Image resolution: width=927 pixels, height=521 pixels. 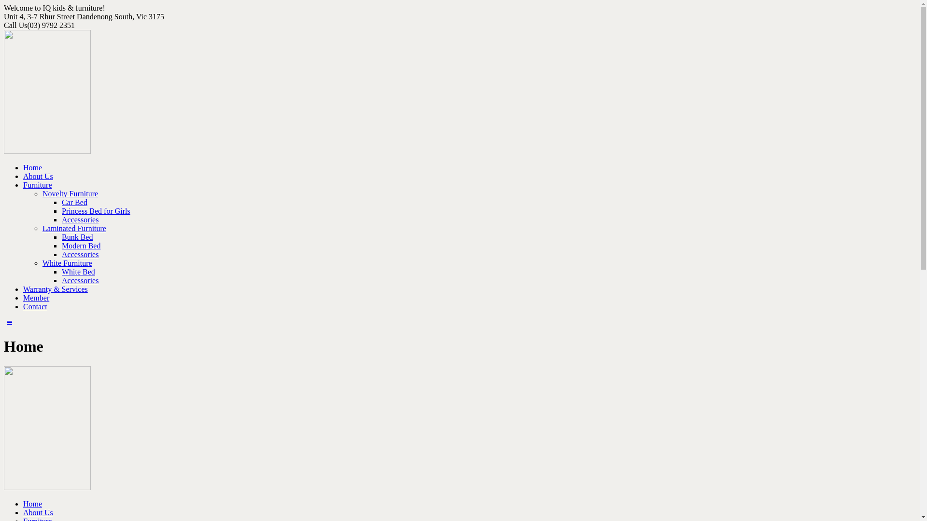 I want to click on 'Laminated Furniture', so click(x=73, y=228).